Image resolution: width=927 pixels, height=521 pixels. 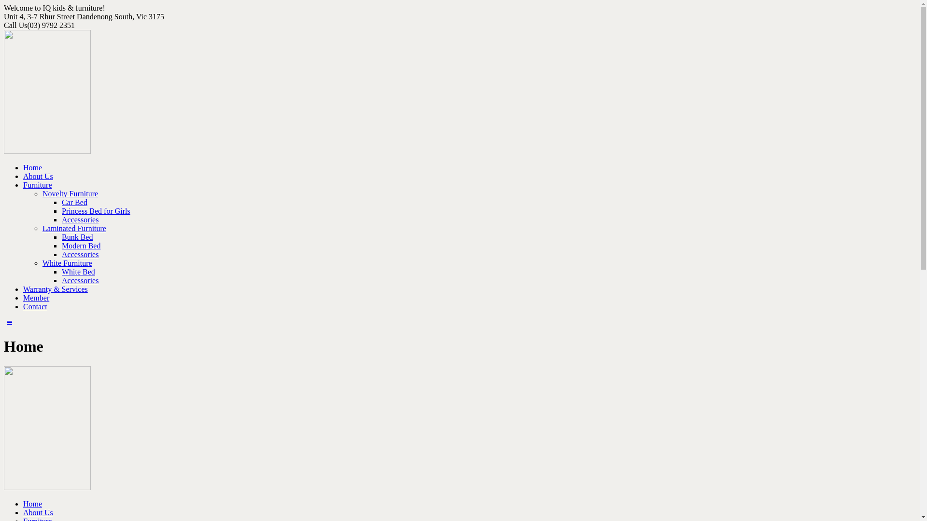 I want to click on 'Laminated Furniture', so click(x=73, y=228).